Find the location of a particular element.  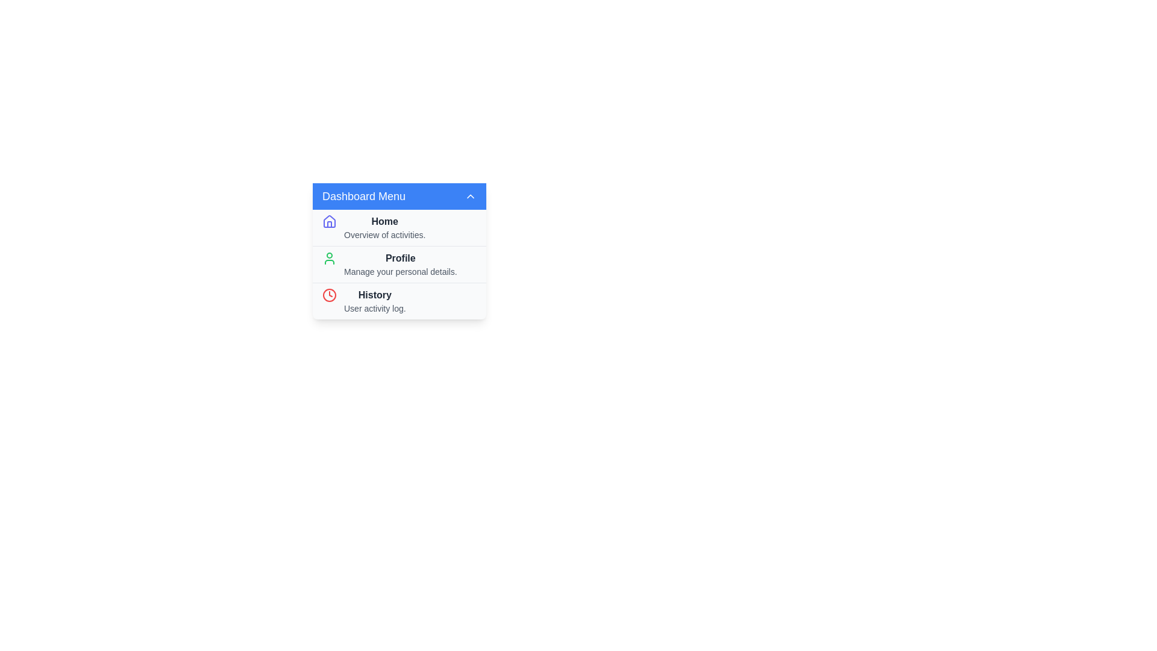

the second menu item that navigates to the Profile section of the application to manage personal details is located at coordinates (399, 250).